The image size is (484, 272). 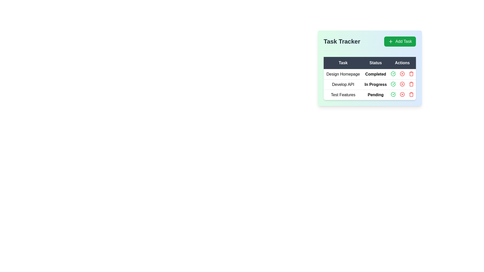 I want to click on the leftmost icon in the 'Actions' column of the 'Test Features' row in the 'Task Tracker' table, so click(x=393, y=94).